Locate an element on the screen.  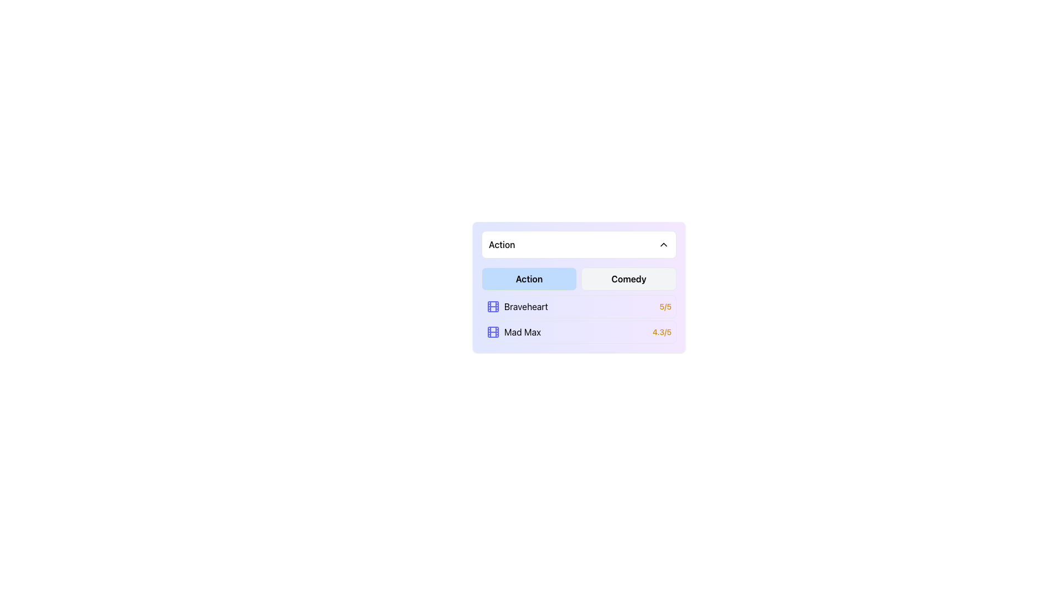
the film icon with a purple outline and indigo fill, located to the left of the text 'Braveheart' is located at coordinates (493, 307).